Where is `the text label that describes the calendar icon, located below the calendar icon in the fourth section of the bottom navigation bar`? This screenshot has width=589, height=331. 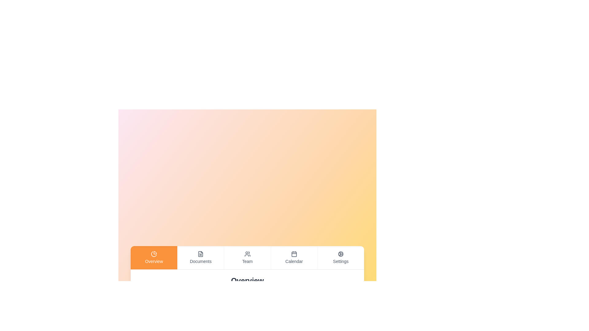 the text label that describes the calendar icon, located below the calendar icon in the fourth section of the bottom navigation bar is located at coordinates (294, 261).